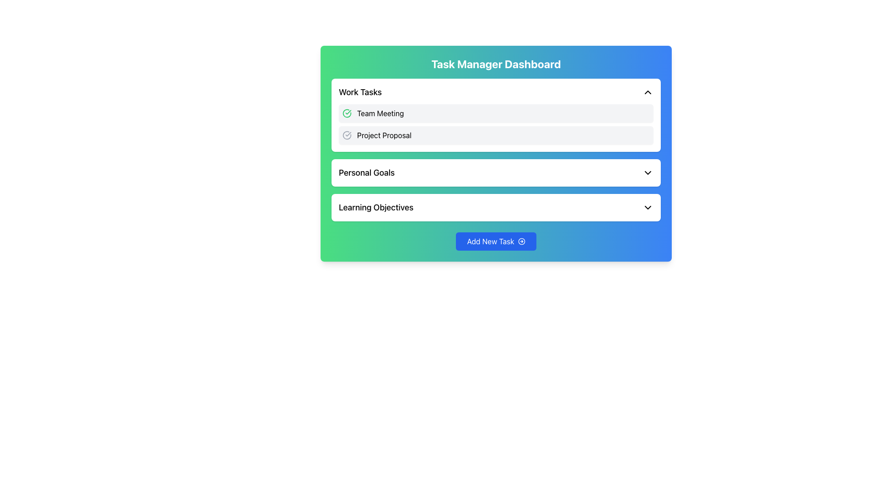  Describe the element at coordinates (647, 173) in the screenshot. I see `the downward-facing chevron icon located to the right of the 'Personal Goals' text` at that location.